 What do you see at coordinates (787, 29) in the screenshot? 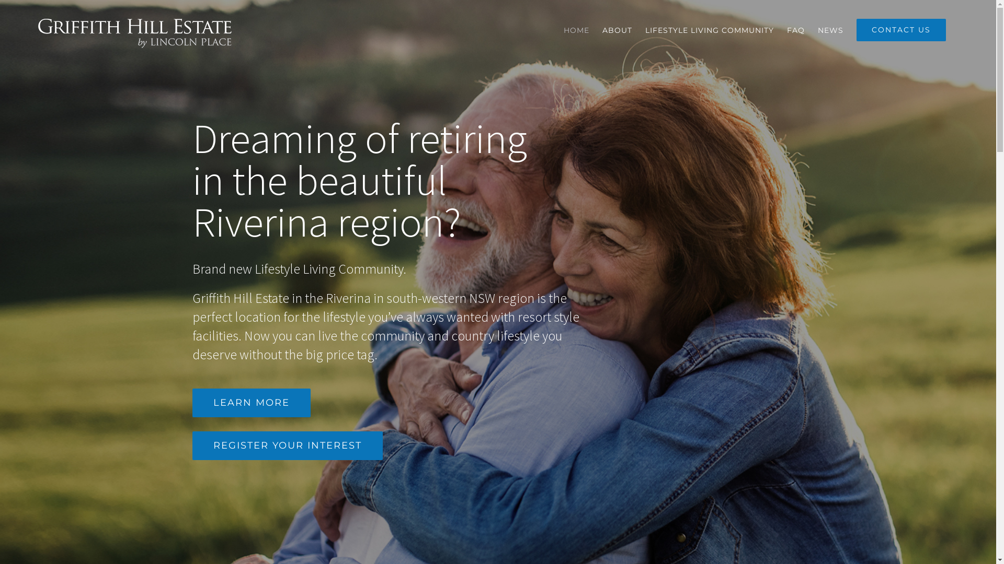
I see `'FAQ'` at bounding box center [787, 29].